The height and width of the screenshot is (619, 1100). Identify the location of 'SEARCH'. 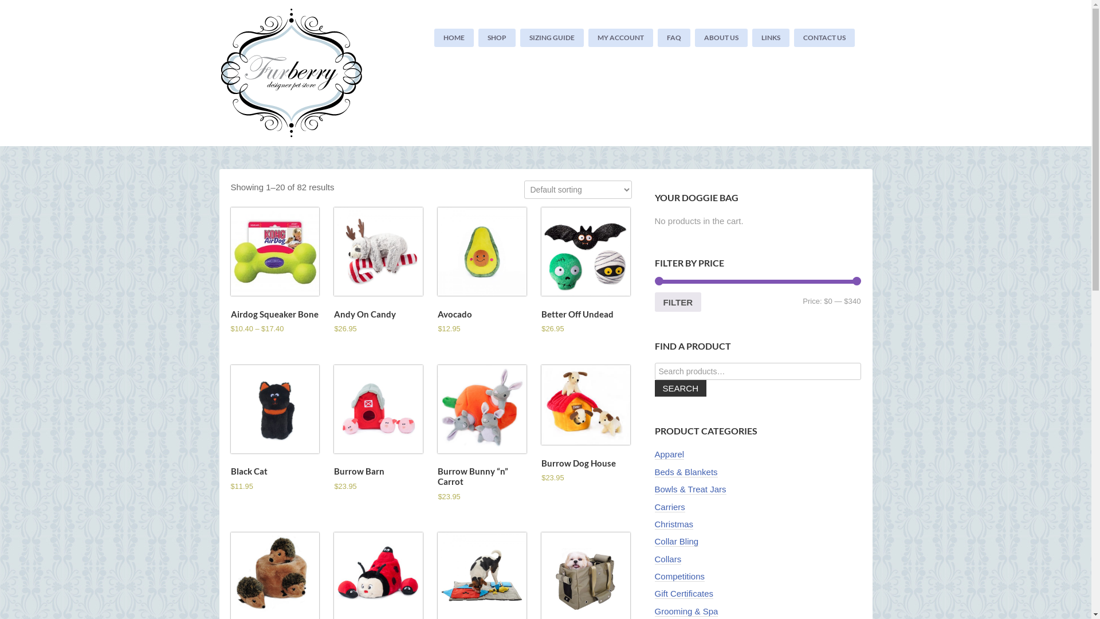
(680, 387).